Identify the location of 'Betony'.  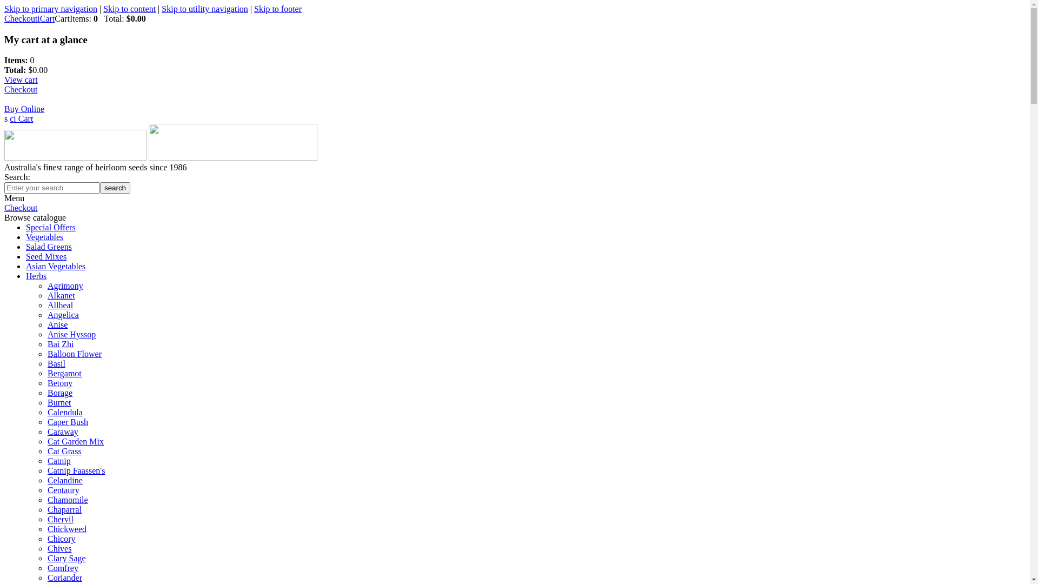
(59, 382).